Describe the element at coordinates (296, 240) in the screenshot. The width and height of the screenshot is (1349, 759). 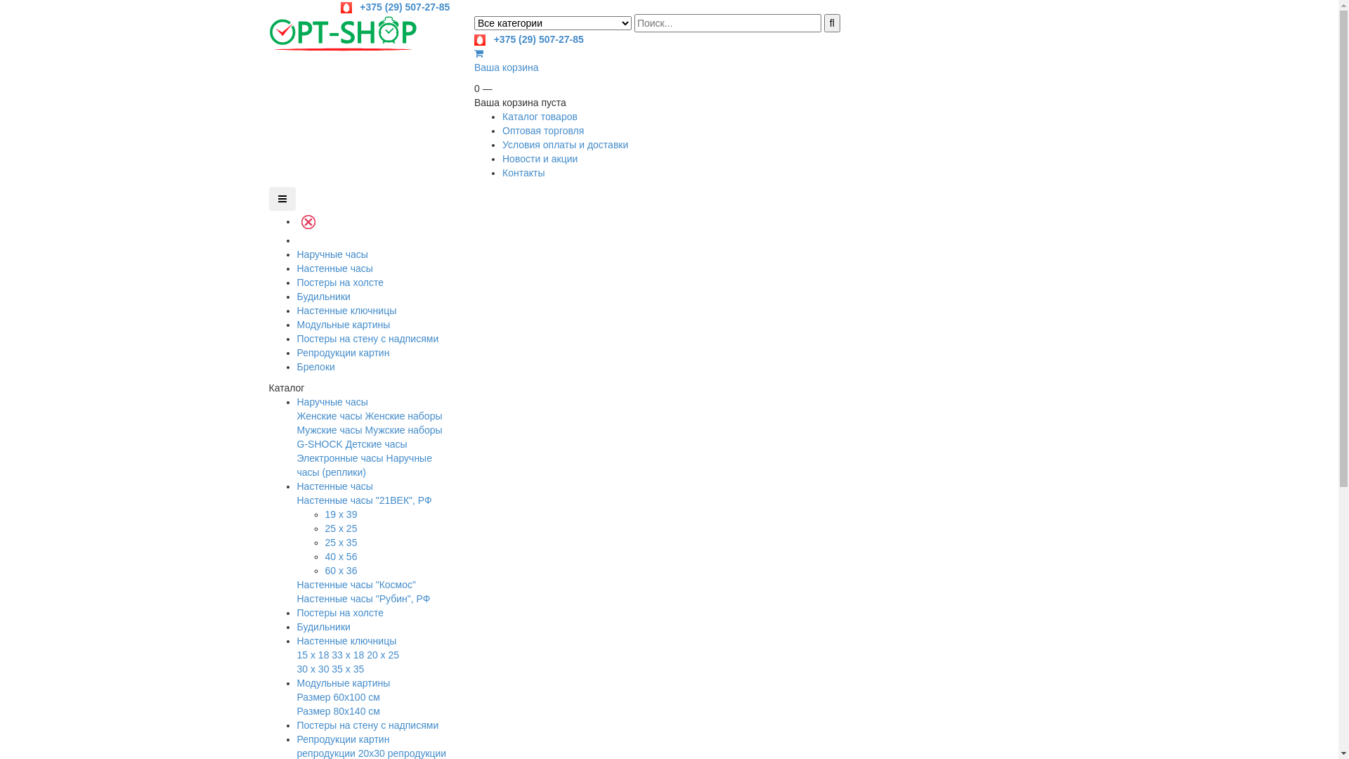
I see `' '` at that location.